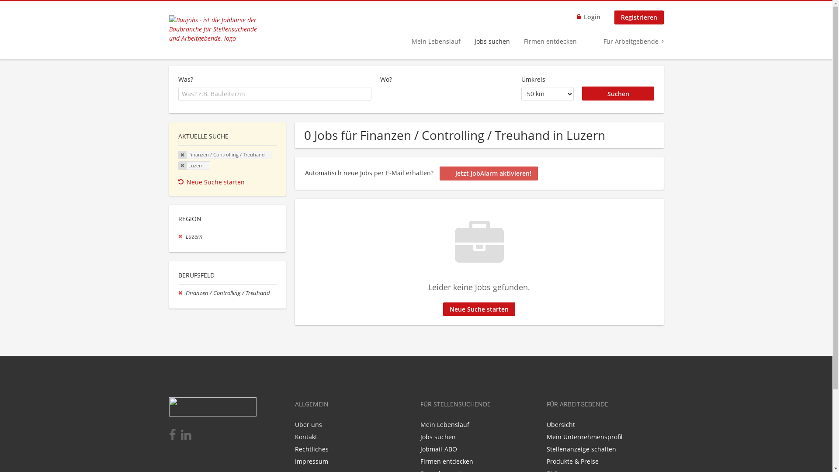  What do you see at coordinates (582, 93) in the screenshot?
I see `'Suchen'` at bounding box center [582, 93].